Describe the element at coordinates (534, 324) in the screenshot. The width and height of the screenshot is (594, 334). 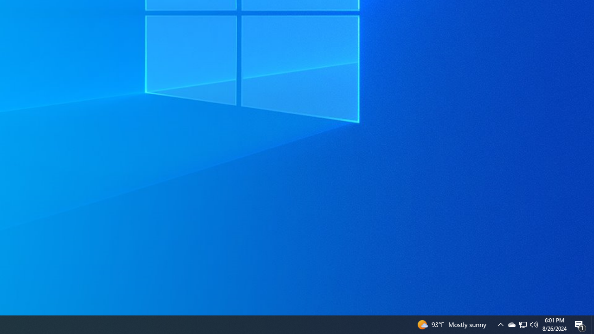
I see `'Q2790: 100%'` at that location.